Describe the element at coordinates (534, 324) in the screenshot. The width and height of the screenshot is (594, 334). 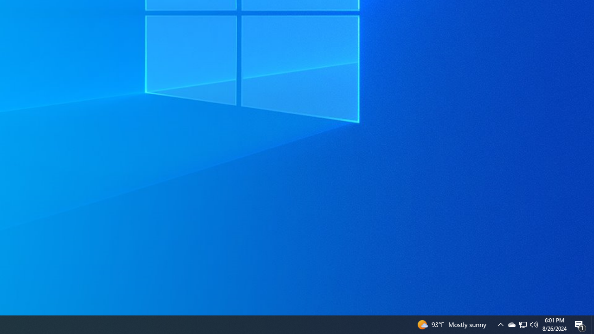
I see `'Q2790: 100%'` at that location.